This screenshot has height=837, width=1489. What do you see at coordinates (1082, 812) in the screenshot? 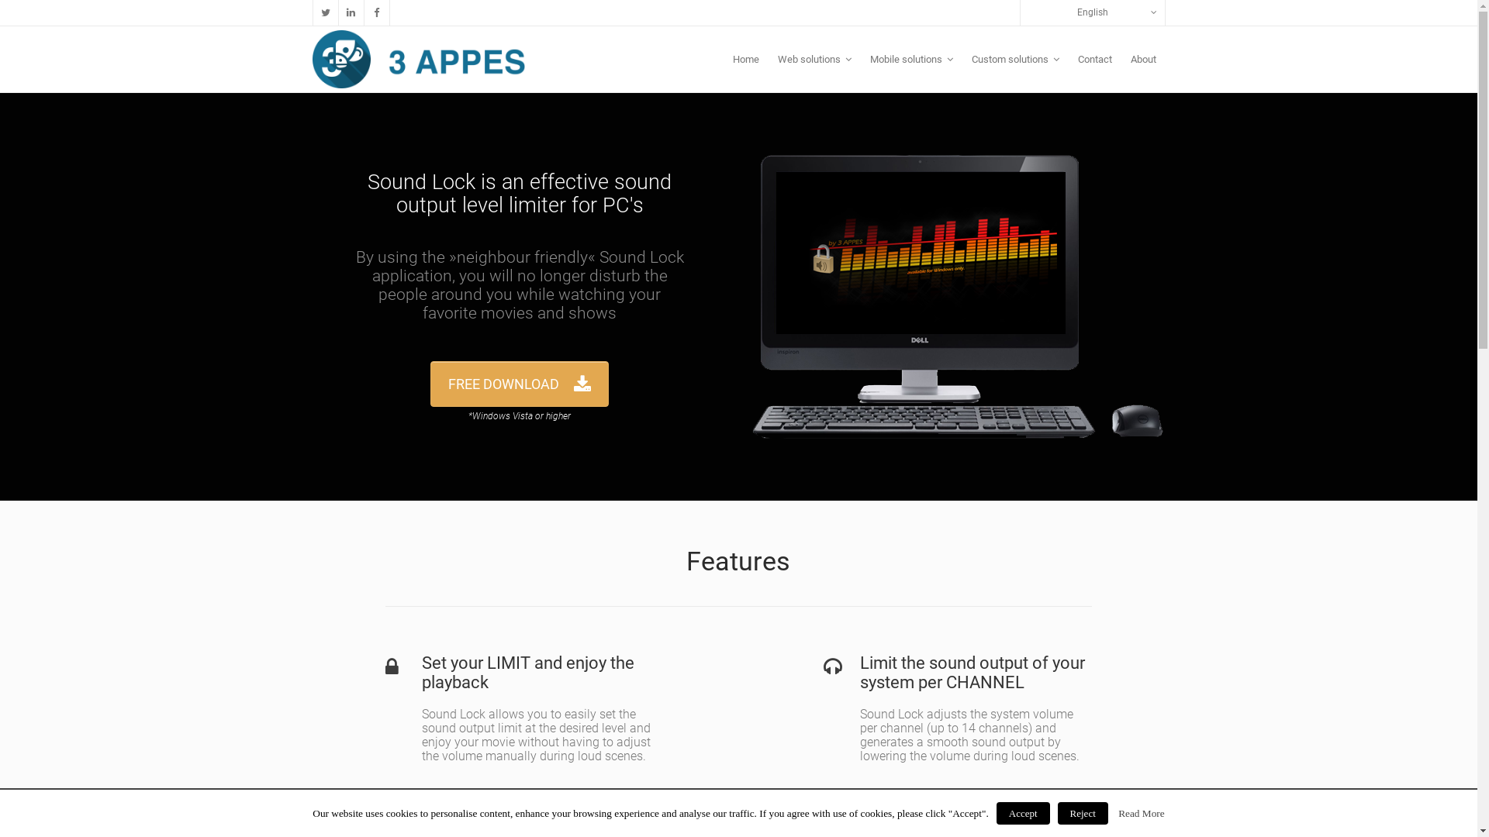
I see `'Reject'` at bounding box center [1082, 812].